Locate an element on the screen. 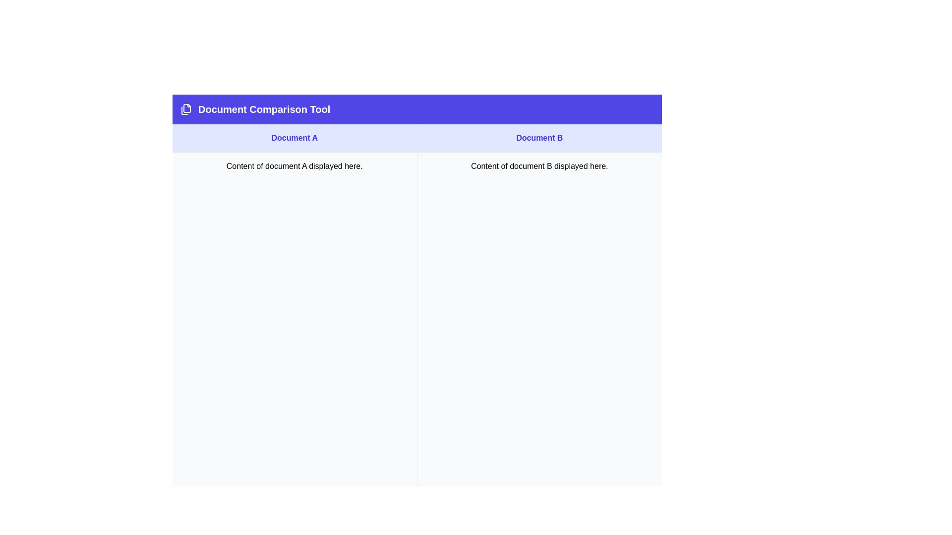  the document icon, which is a minimalist white line icon on a purple background, located to the left of the 'Document Comparison Tool' header text is located at coordinates (186, 109).